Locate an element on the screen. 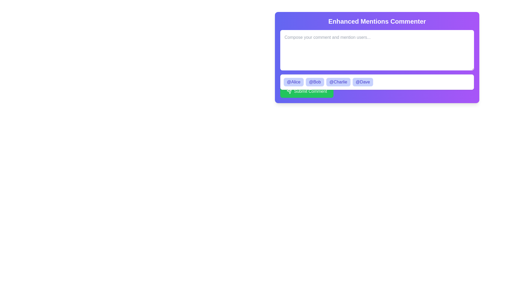 This screenshot has height=287, width=511. the clickable text label '@Dave', which is styled with a rounded rectangle shape and located in the suggestions dropdown under the text input box is located at coordinates (362, 82).